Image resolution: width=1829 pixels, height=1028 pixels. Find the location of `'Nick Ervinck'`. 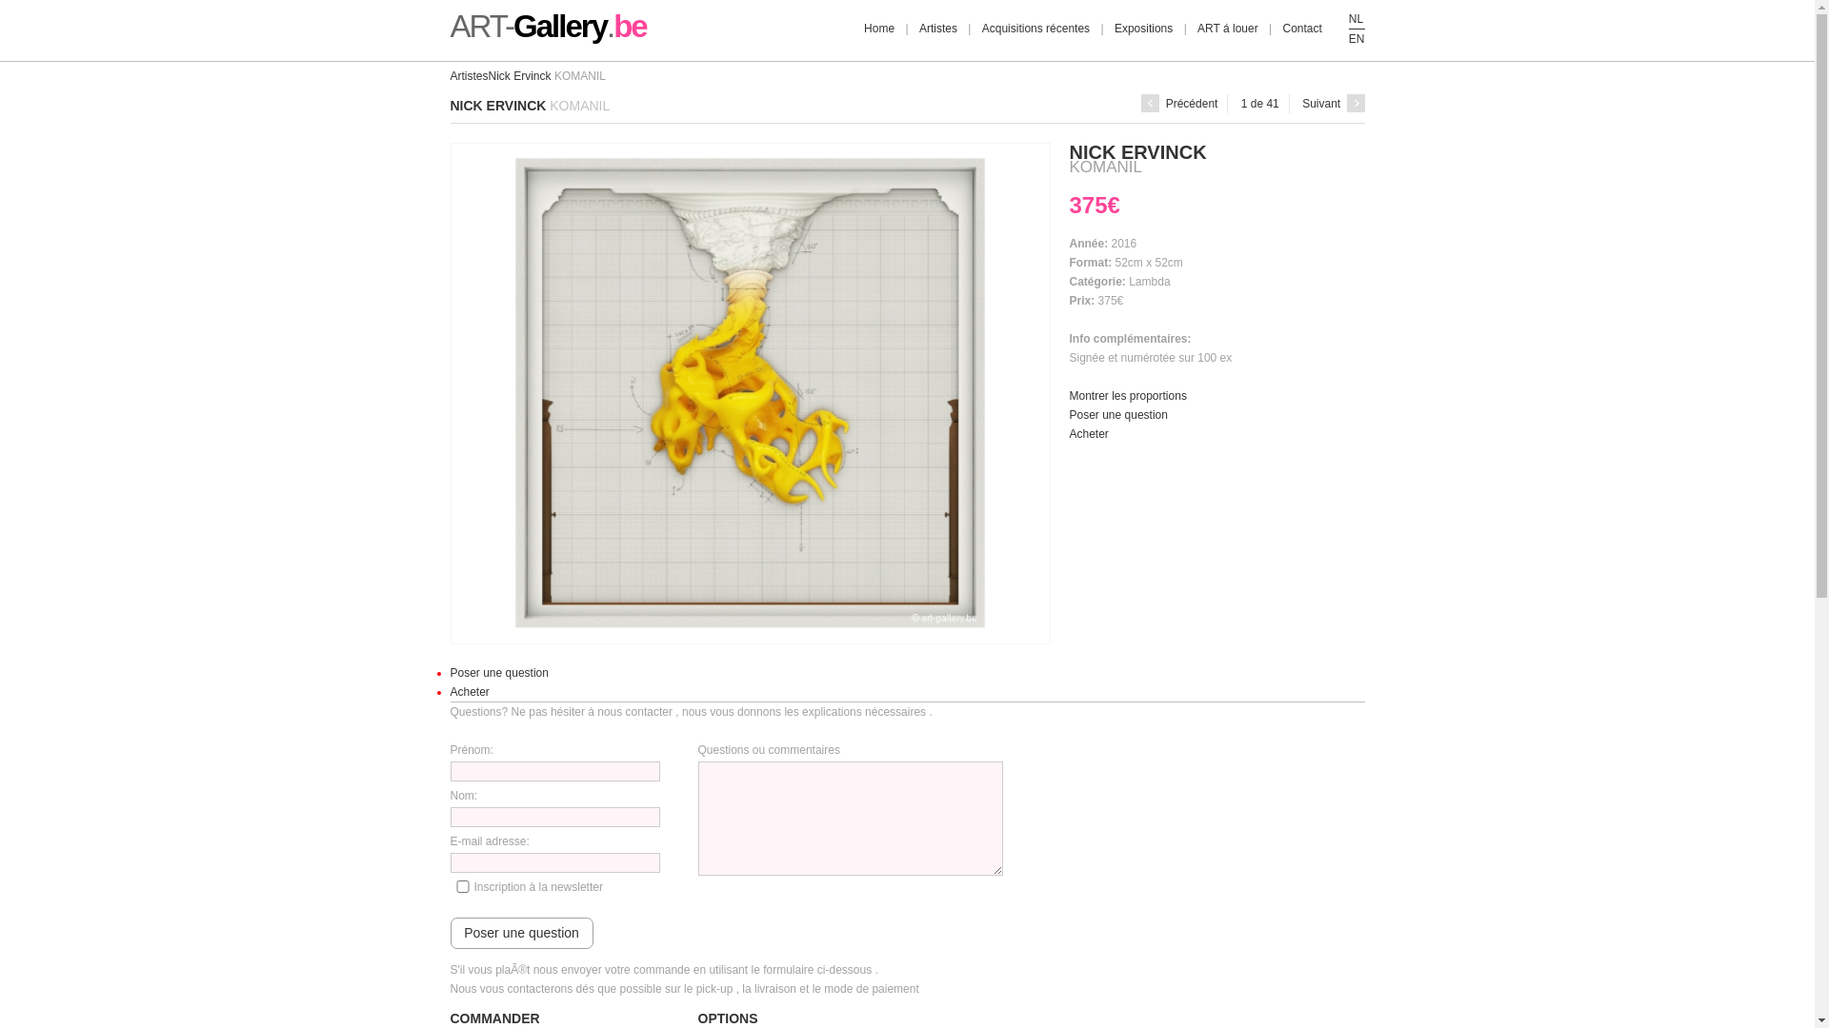

'Nick Ervinck' is located at coordinates (520, 75).